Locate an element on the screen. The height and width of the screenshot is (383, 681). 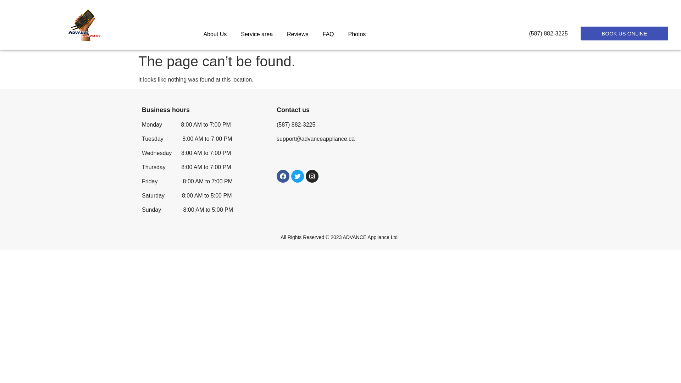
'BOOK US ONLINE' is located at coordinates (624, 33).